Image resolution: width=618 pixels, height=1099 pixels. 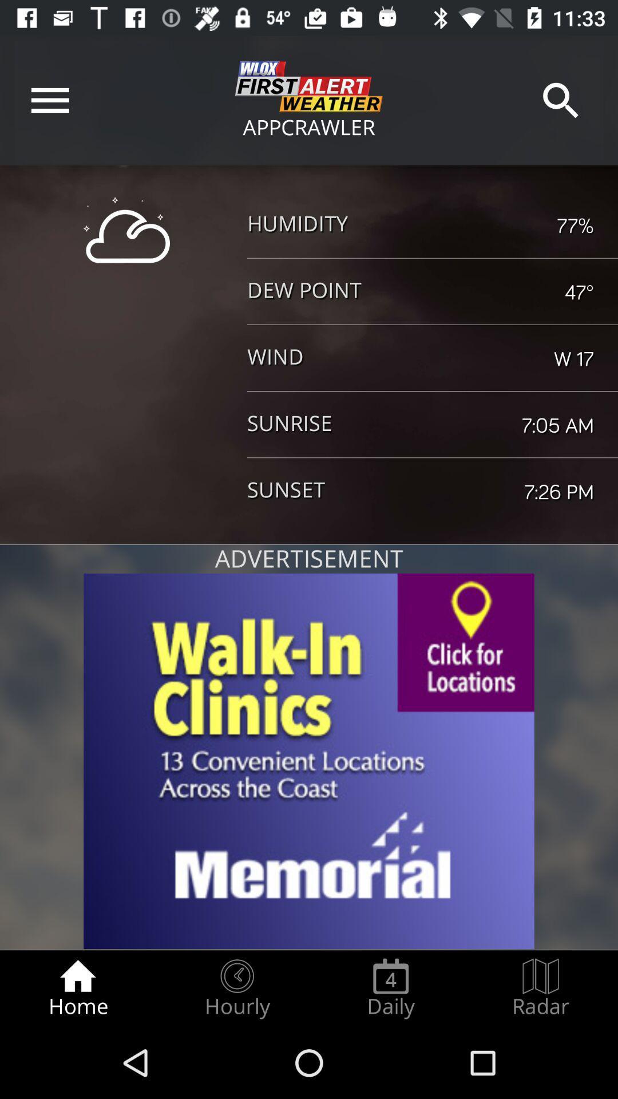 I want to click on go to advertisement, so click(x=309, y=761).